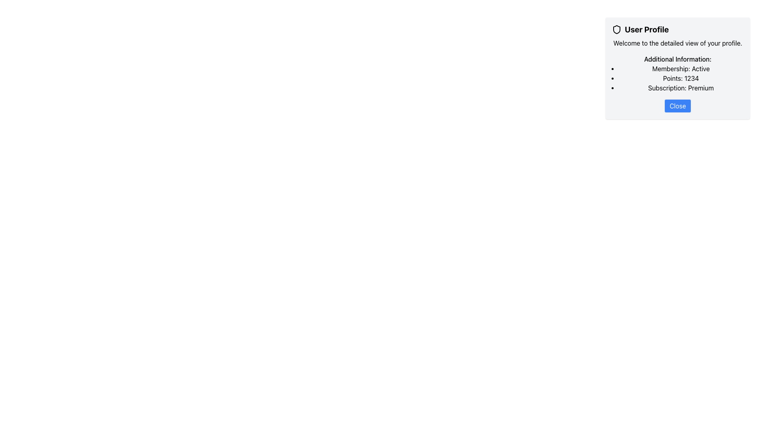  I want to click on the text label that serves as a header or title within the card interface, located below and to the right of the shield icon, so click(647, 29).